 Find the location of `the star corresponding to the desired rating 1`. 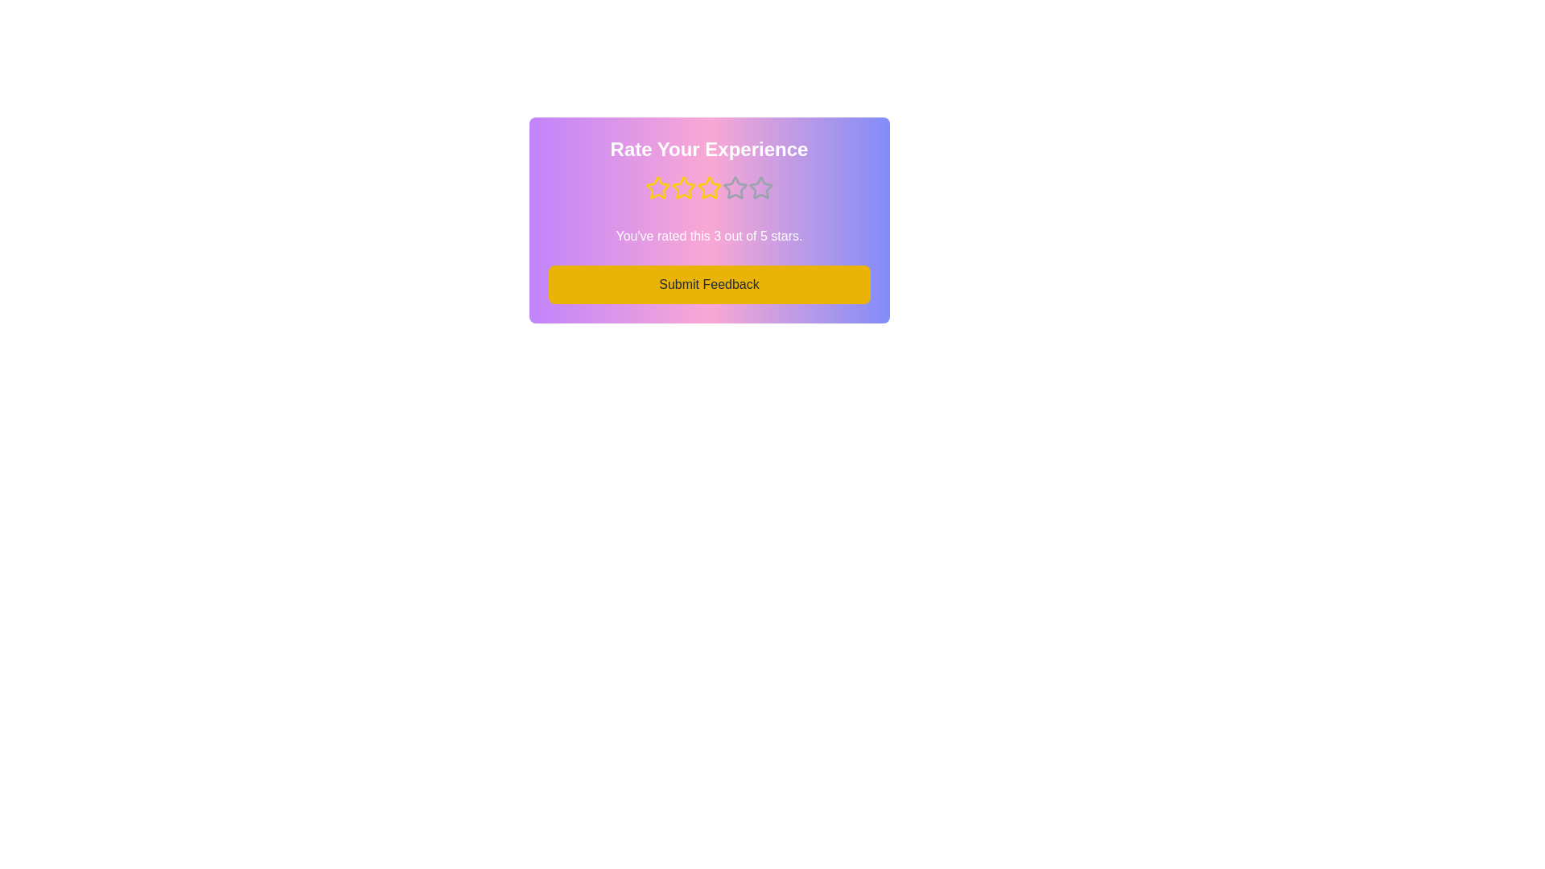

the star corresponding to the desired rating 1 is located at coordinates (657, 187).